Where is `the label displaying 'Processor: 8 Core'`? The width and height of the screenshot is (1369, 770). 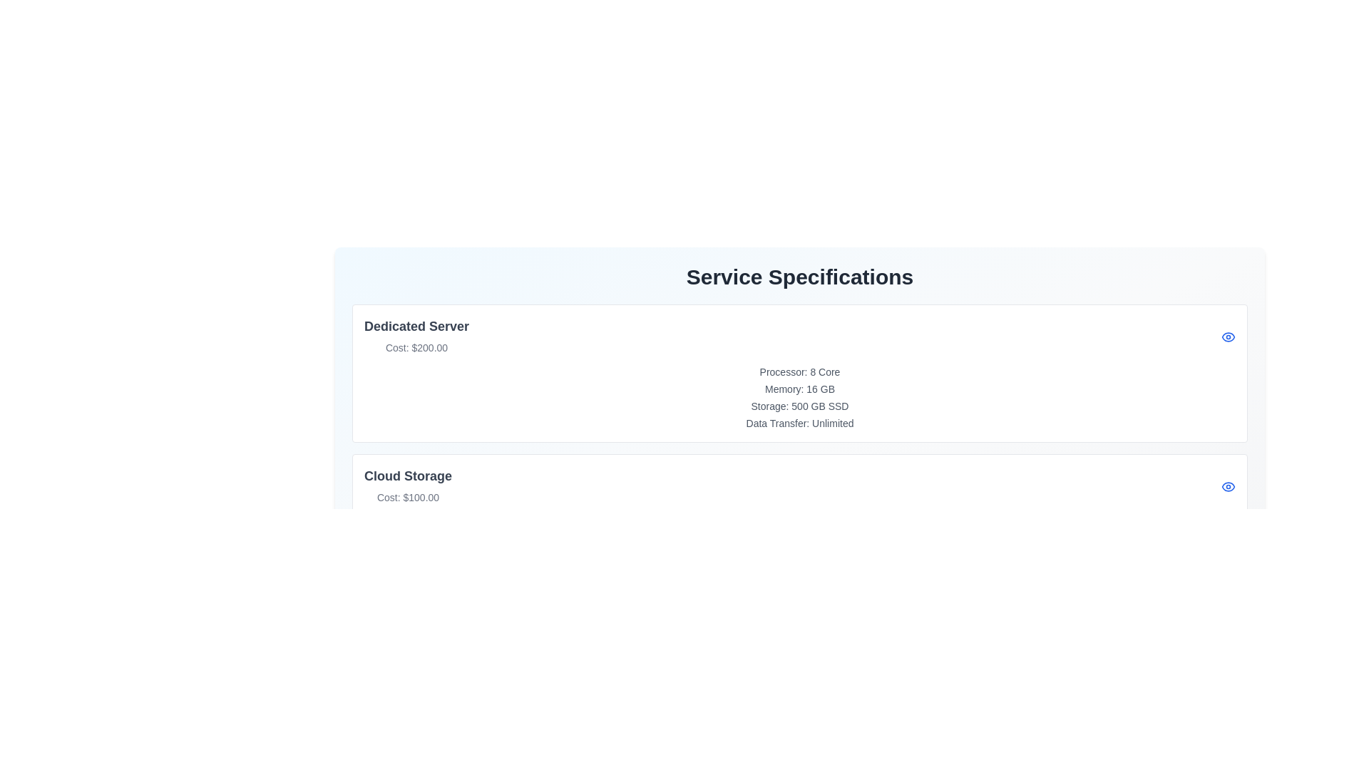 the label displaying 'Processor: 8 Core' is located at coordinates (800, 371).